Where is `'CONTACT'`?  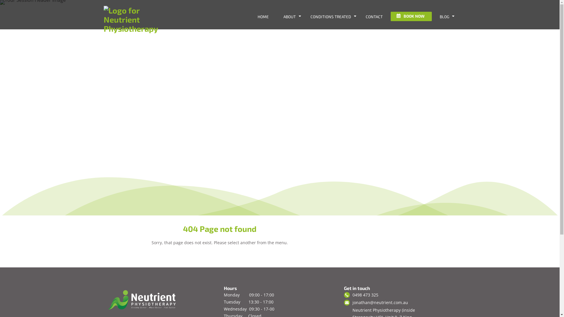
'CONTACT' is located at coordinates (374, 16).